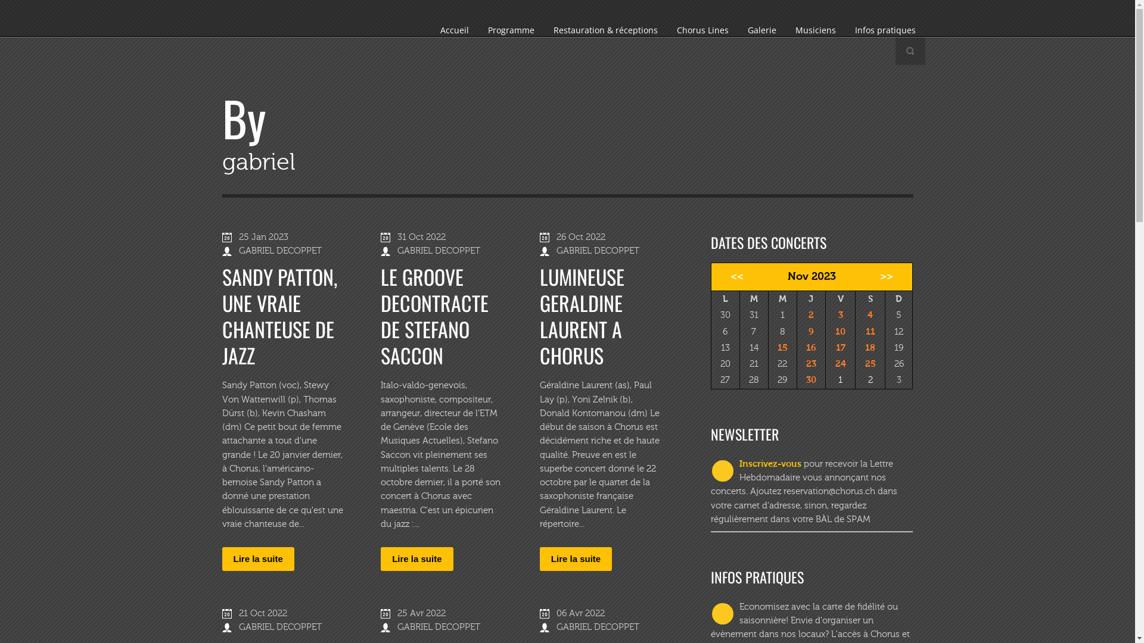  I want to click on '23', so click(806, 363).